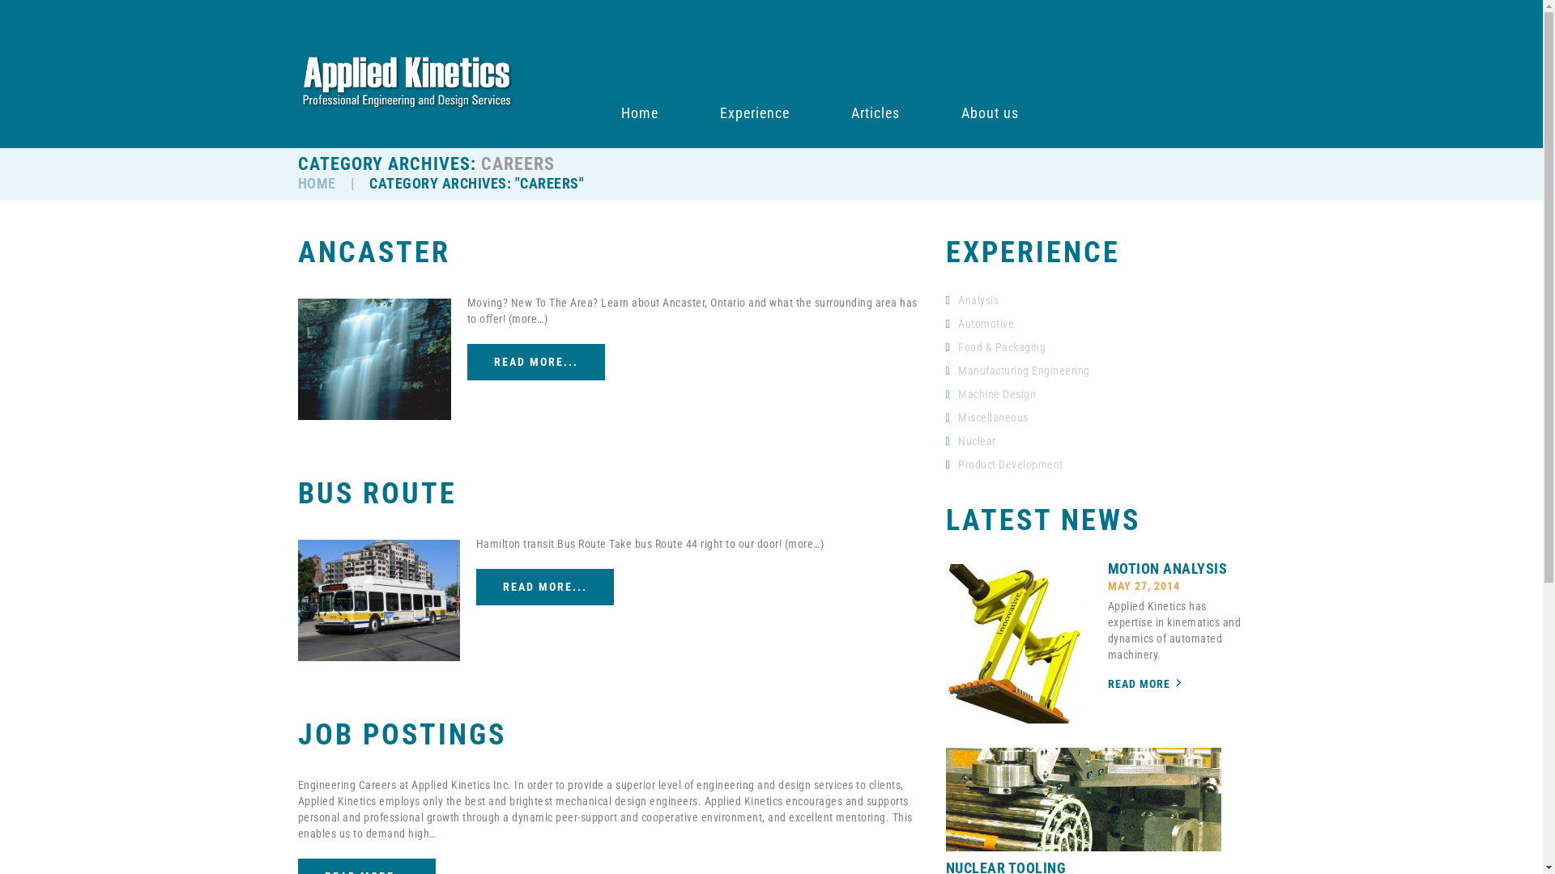 This screenshot has height=874, width=1555. I want to click on 'Motion Analysis', so click(1013, 643).